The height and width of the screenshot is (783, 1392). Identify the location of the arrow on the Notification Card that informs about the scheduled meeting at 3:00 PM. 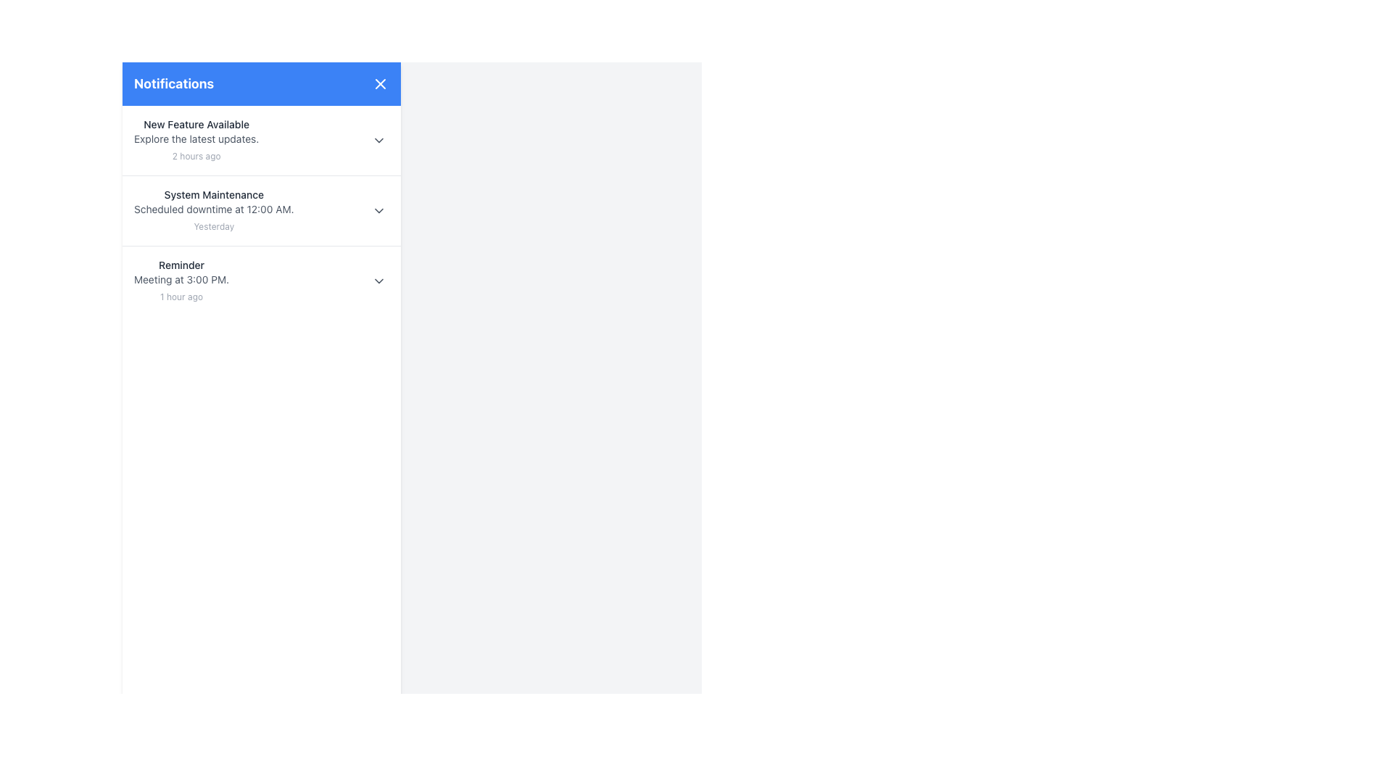
(261, 281).